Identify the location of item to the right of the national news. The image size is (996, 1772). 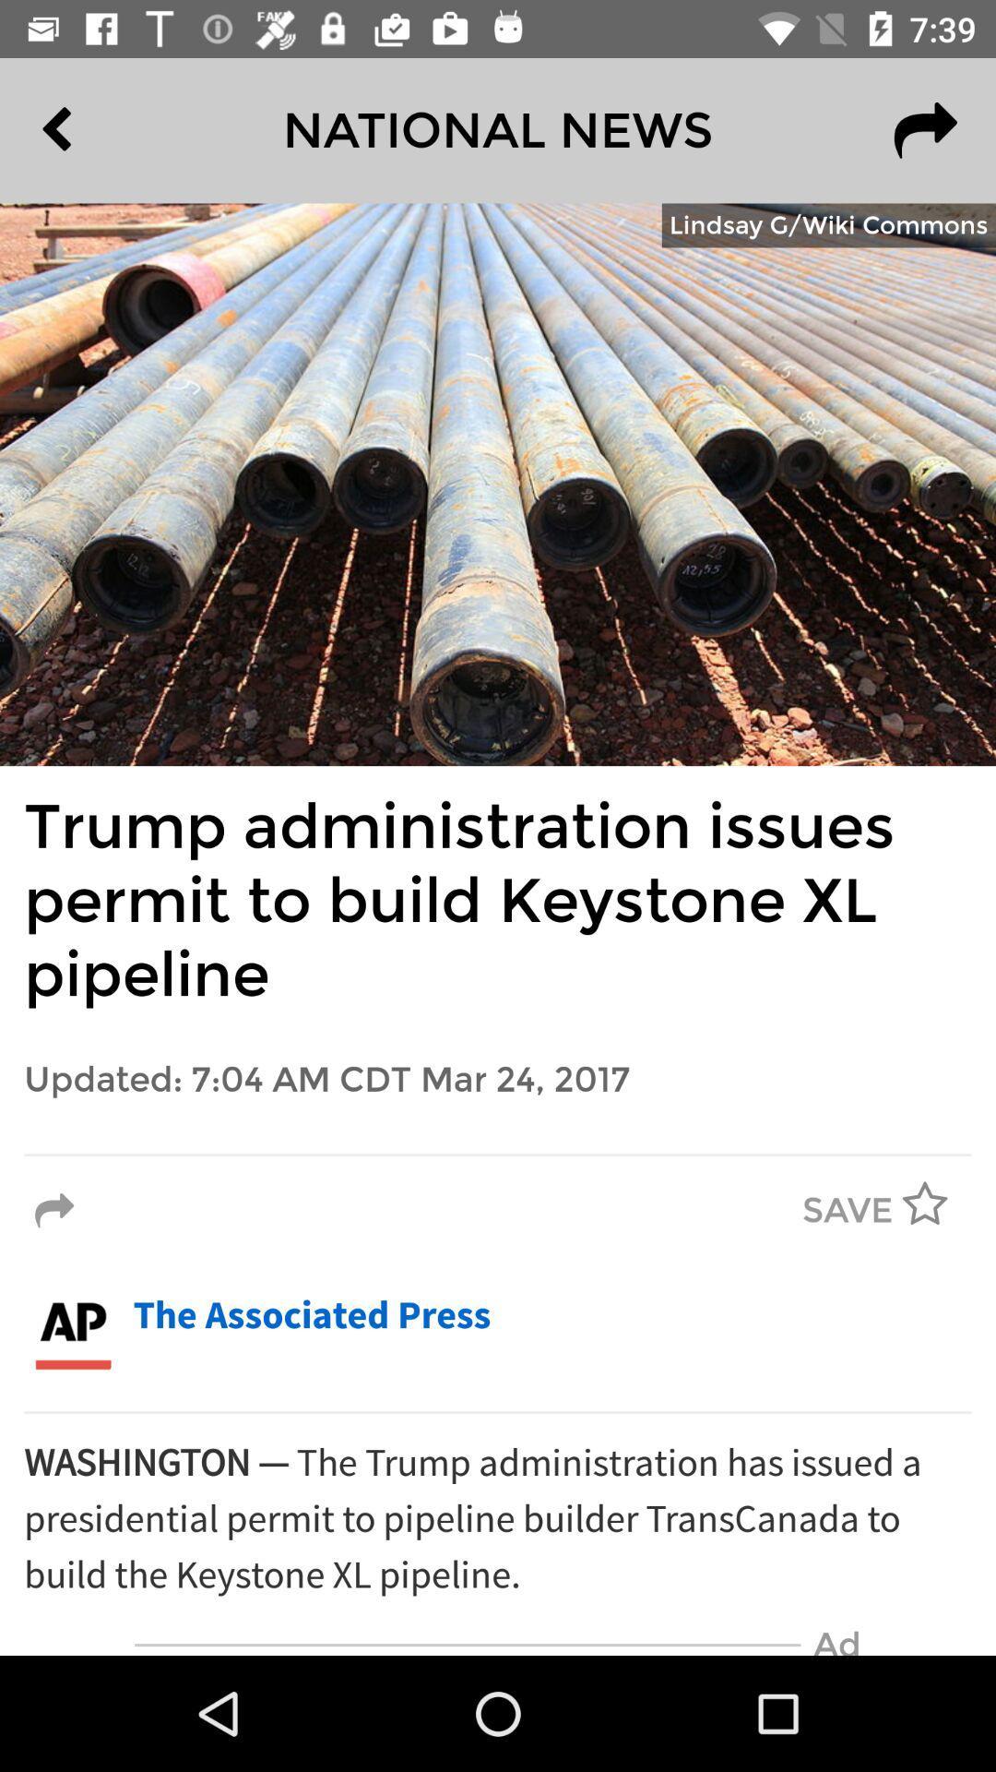
(925, 129).